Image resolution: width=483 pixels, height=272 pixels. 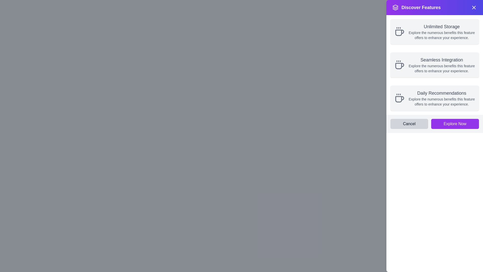 What do you see at coordinates (473, 8) in the screenshot?
I see `the close icon (an 'X' shape SVG button) located at the top-right corner of the purple header bar titled 'Discover Features'` at bounding box center [473, 8].